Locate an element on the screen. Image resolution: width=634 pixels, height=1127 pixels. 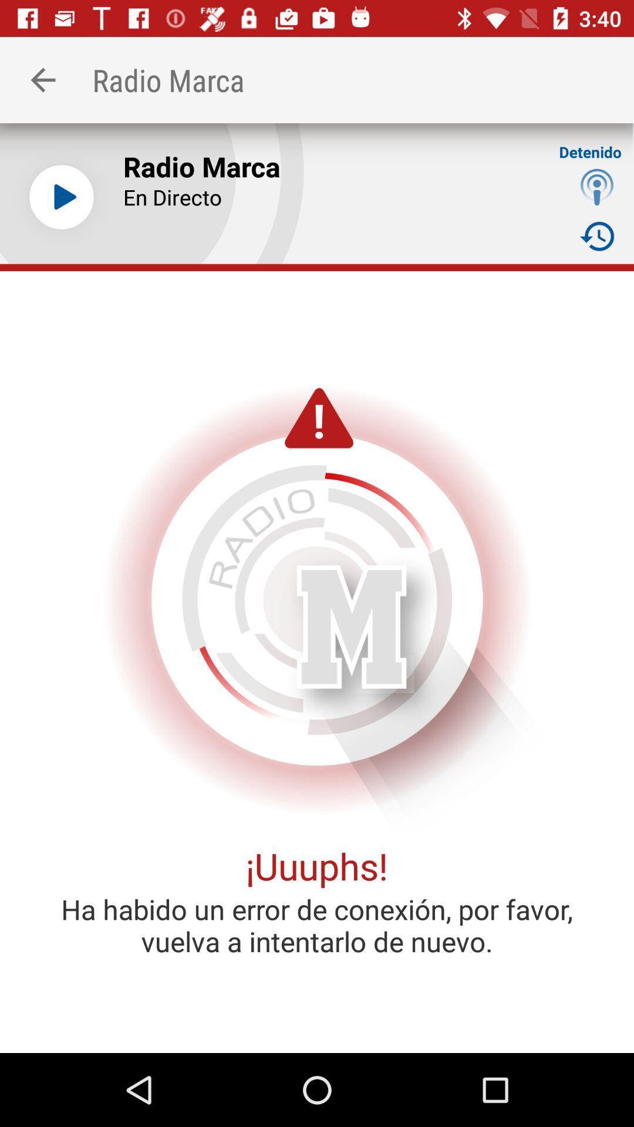
item next to the radio marca is located at coordinates (61, 197).